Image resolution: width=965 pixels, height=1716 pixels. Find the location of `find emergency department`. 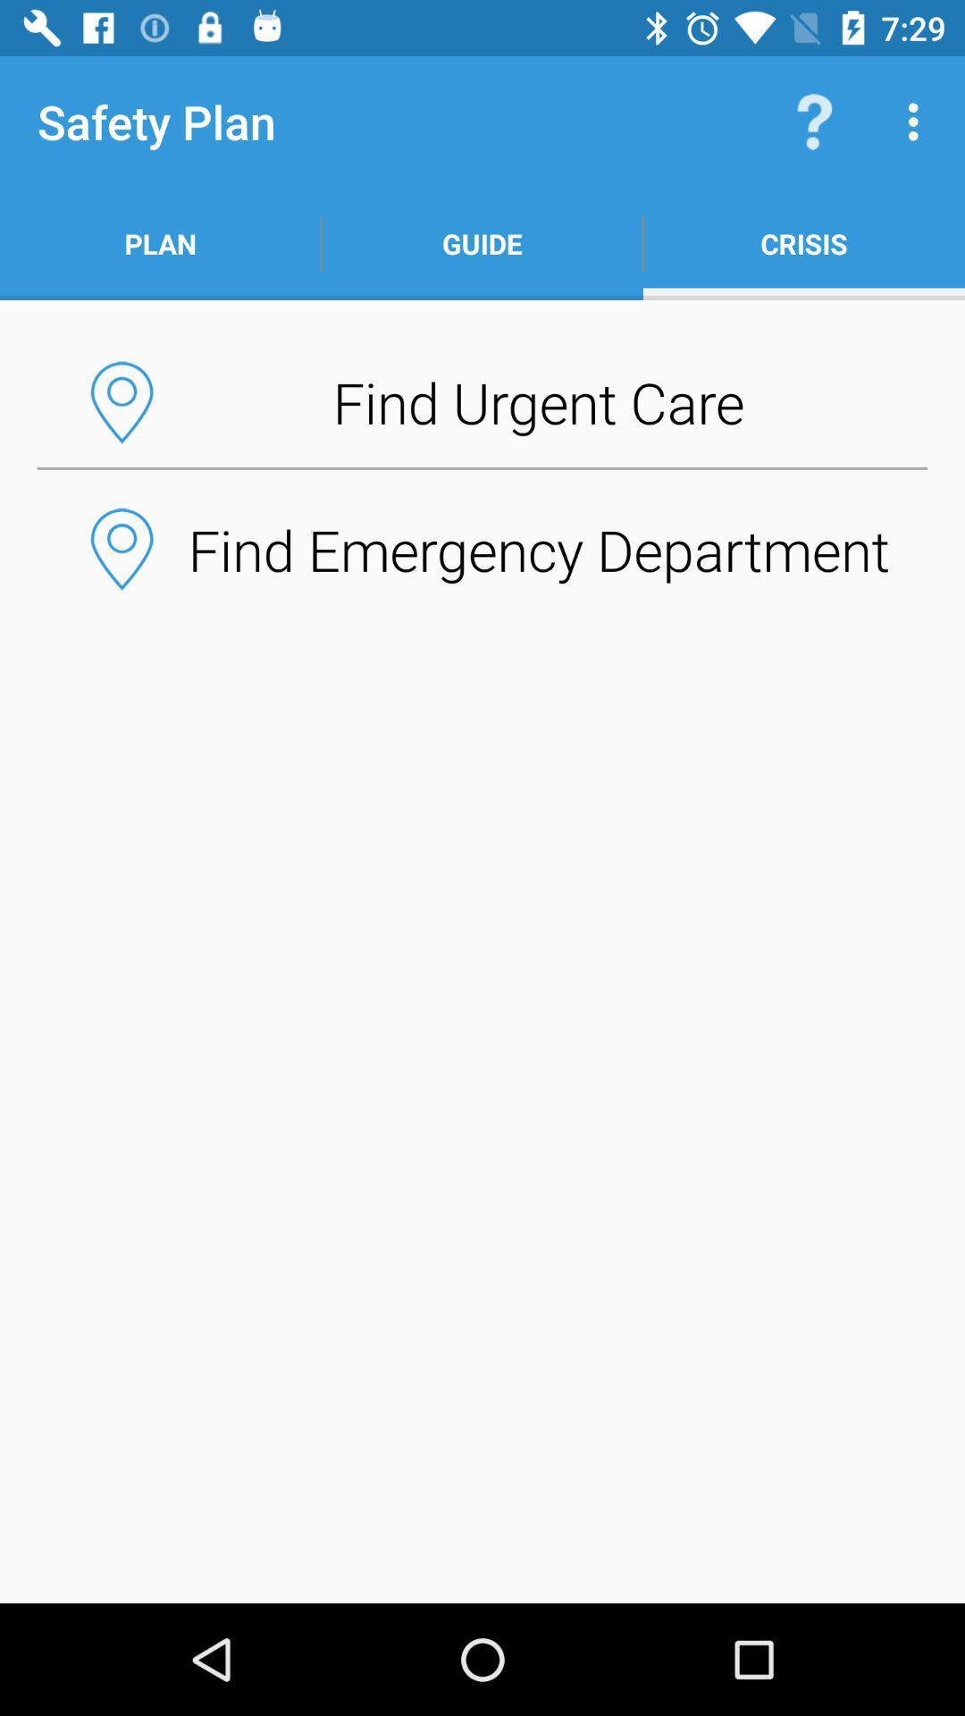

find emergency department is located at coordinates (482, 548).